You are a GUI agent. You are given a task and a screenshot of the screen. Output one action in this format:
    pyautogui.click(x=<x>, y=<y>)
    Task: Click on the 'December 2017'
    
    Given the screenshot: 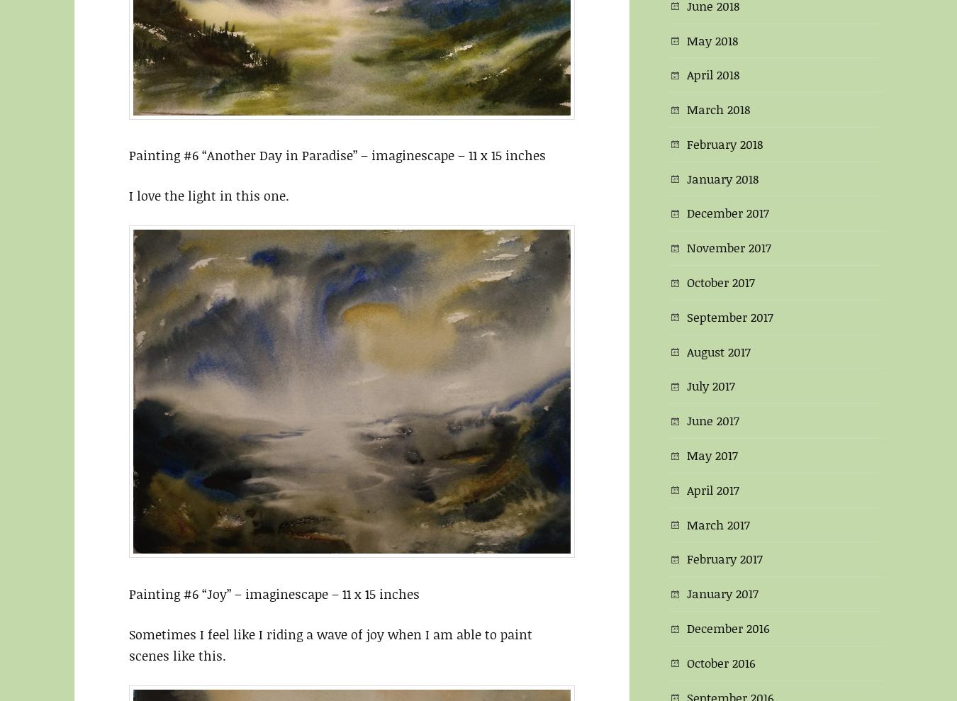 What is the action you would take?
    pyautogui.click(x=727, y=212)
    